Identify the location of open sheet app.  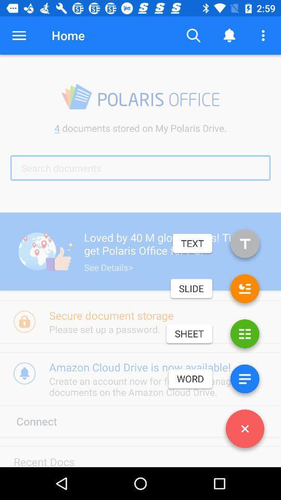
(245, 335).